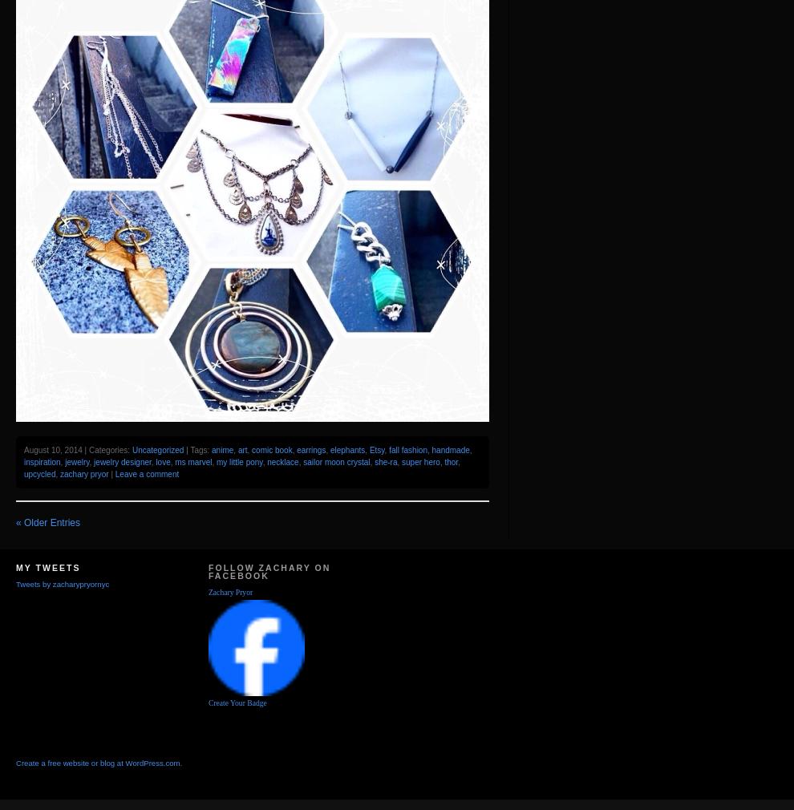  I want to click on 'my tweets', so click(47, 566).